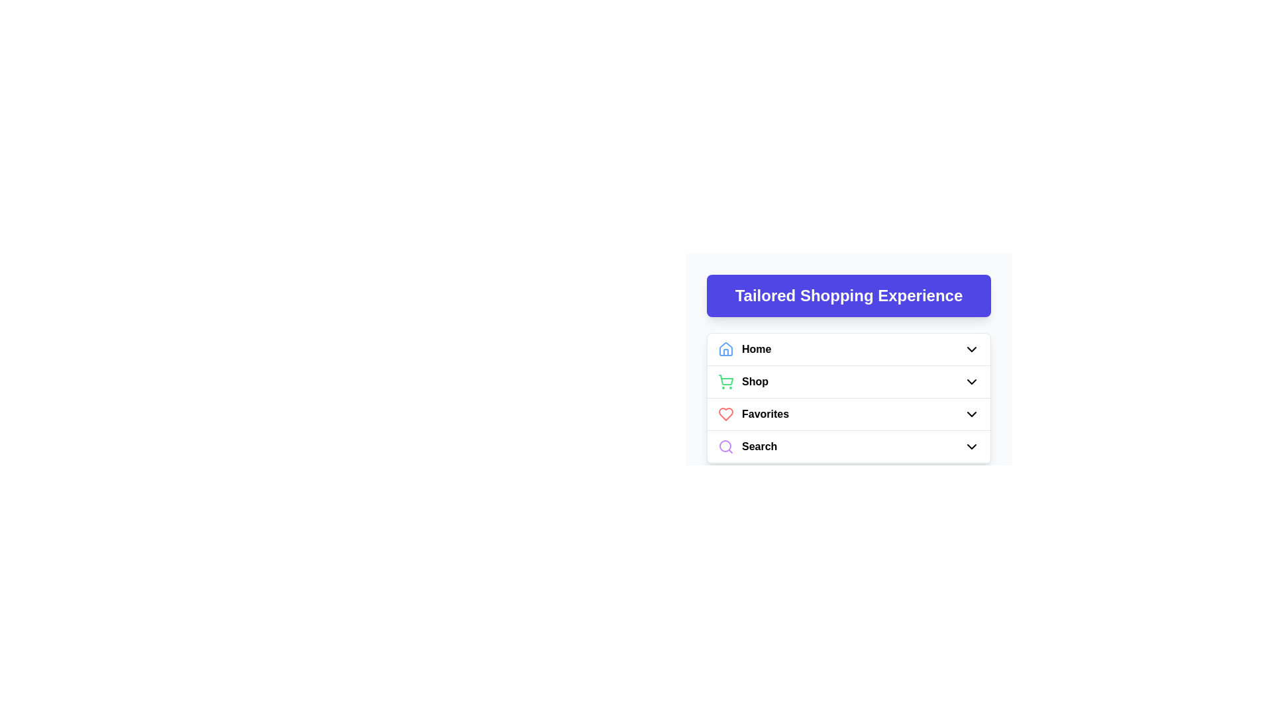 This screenshot has width=1272, height=715. What do you see at coordinates (753, 413) in the screenshot?
I see `the 'Favorites' text with decorative icon, which is the third item in a vertical list of menu options between 'Shop' and 'Search'` at bounding box center [753, 413].